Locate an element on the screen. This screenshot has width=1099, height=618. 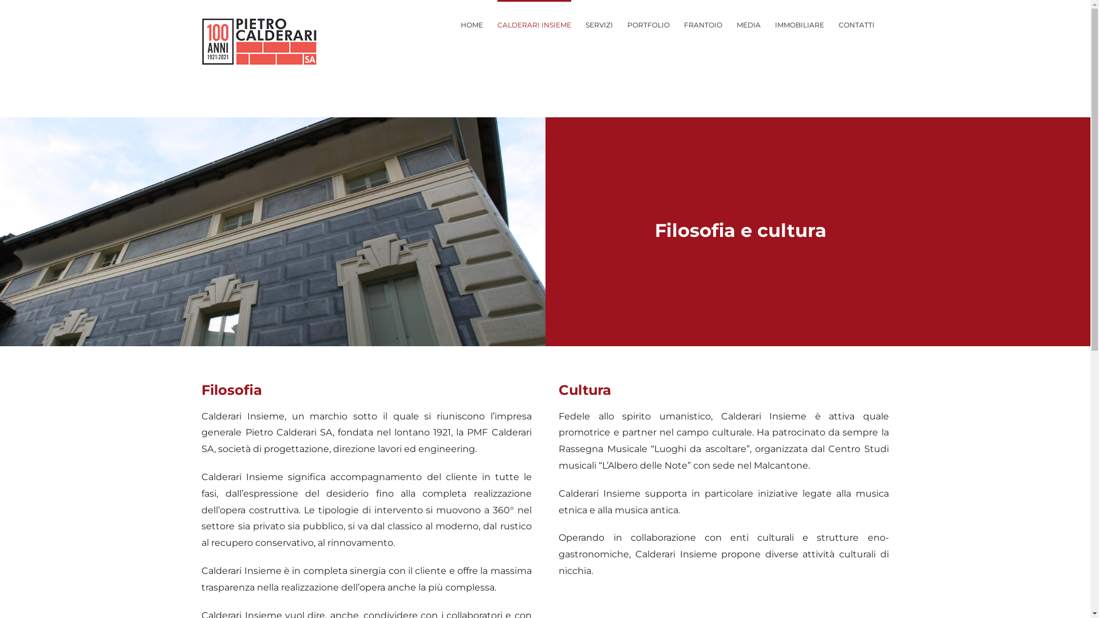
'CALDERARI INSIEME' is located at coordinates (533, 24).